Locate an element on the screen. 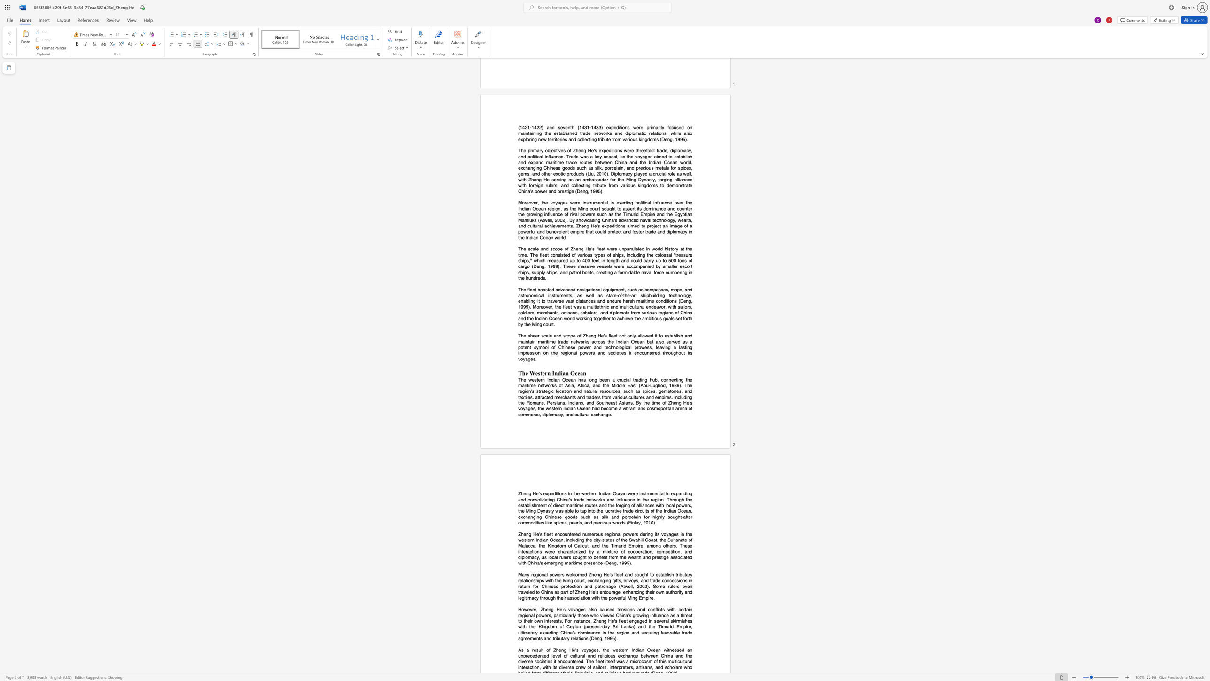 The height and width of the screenshot is (681, 1210). the space between the continuous character "e" and "a" in the text is located at coordinates (585, 408).